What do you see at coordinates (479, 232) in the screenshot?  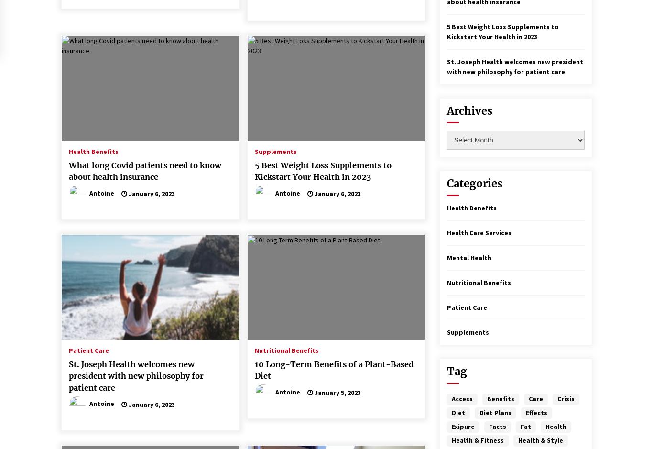 I see `'Health Care Services'` at bounding box center [479, 232].